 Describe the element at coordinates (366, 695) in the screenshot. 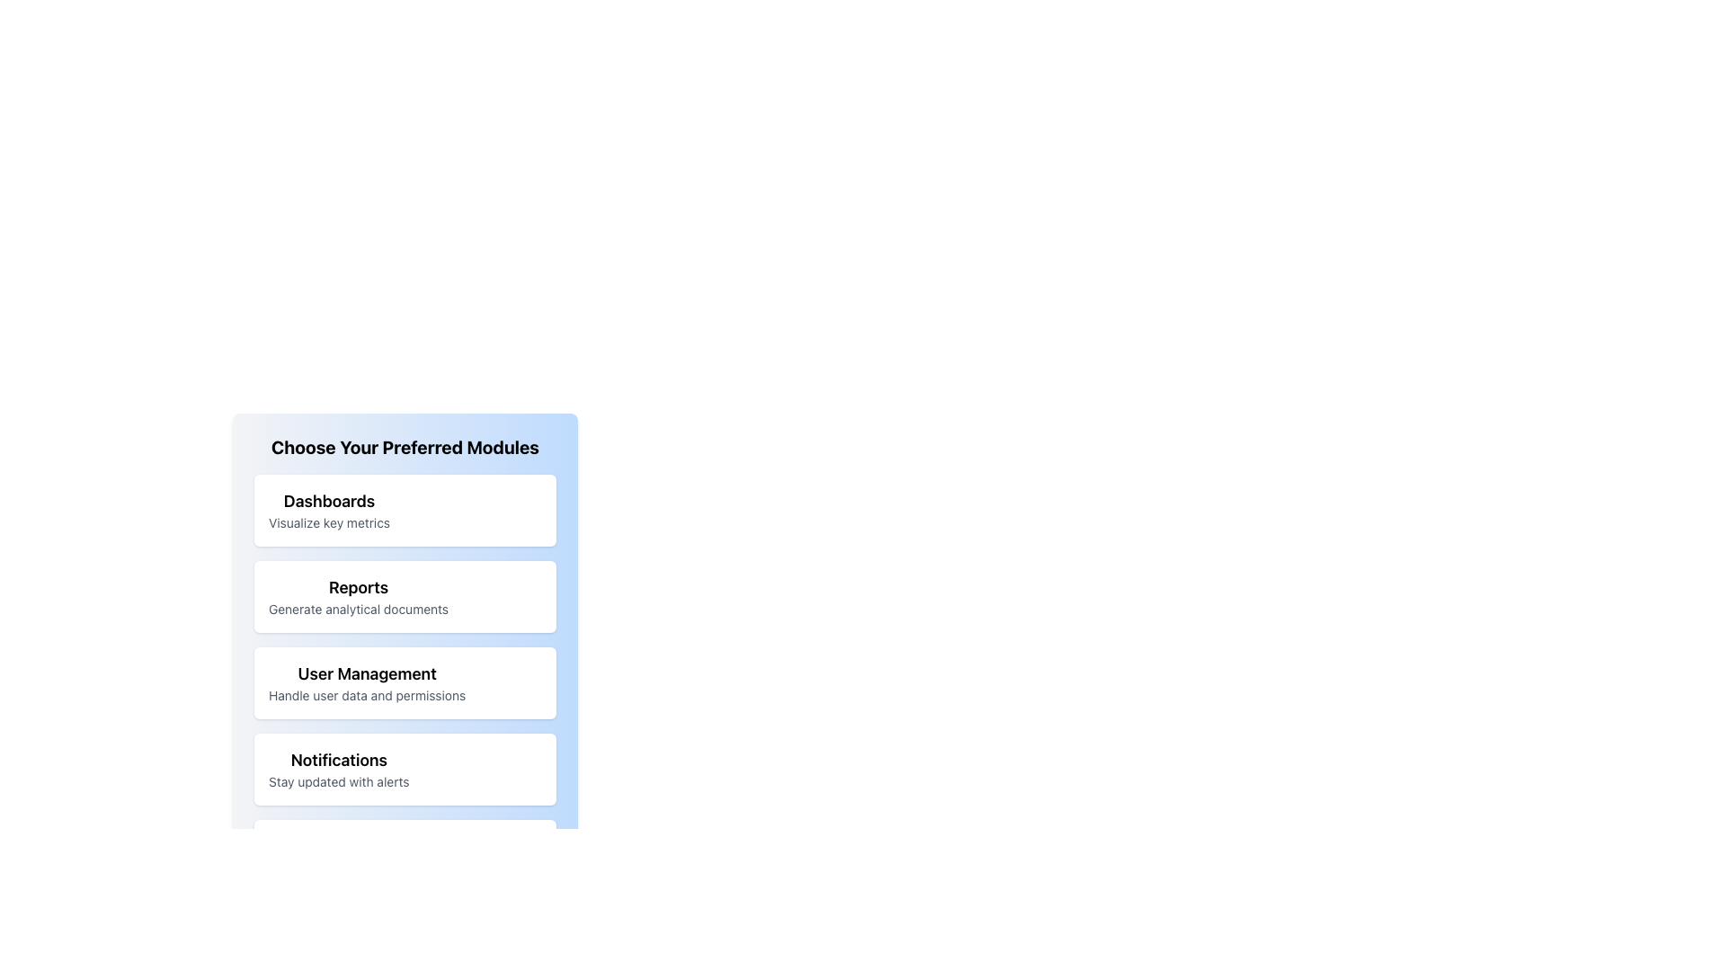

I see `the Text Label that contains the text 'Handle user data and permissions', styled in a small, gray font, located beneath the title 'User Management'` at that location.